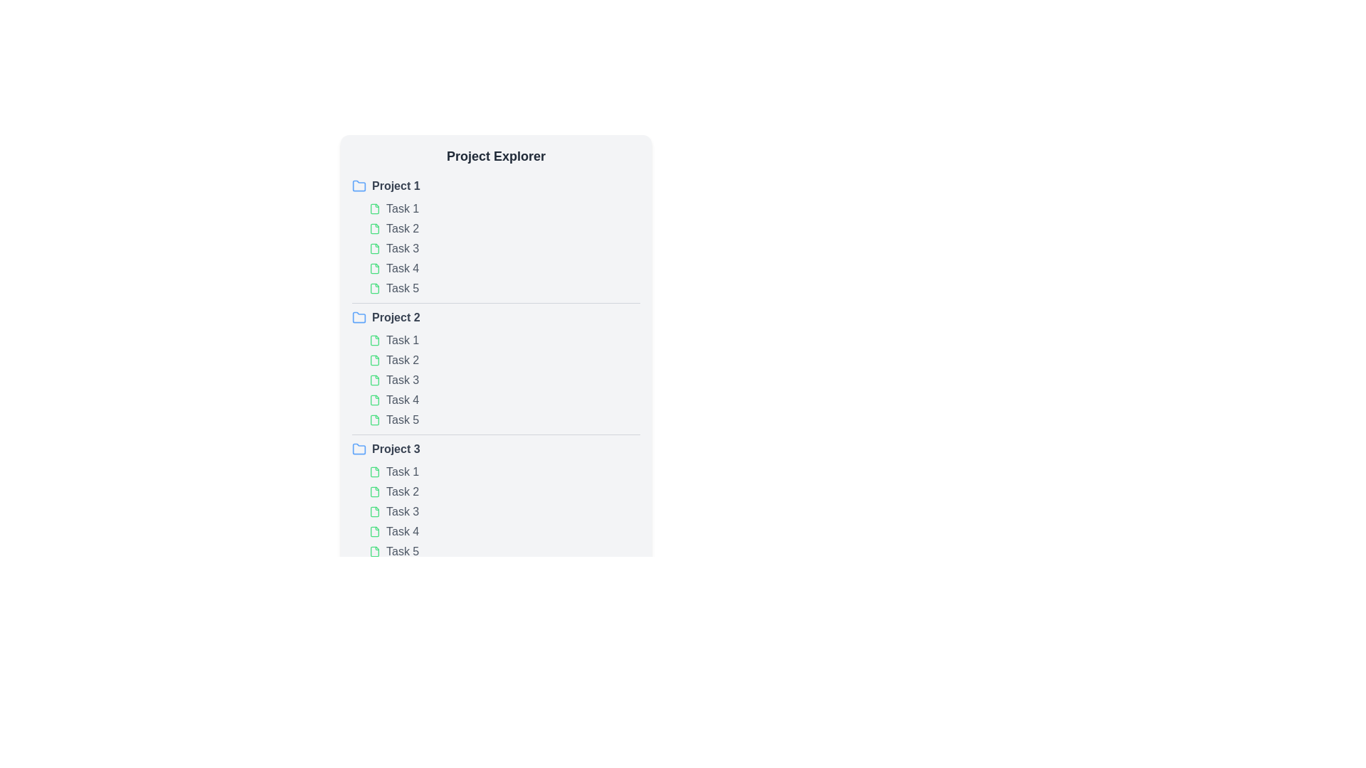 This screenshot has height=768, width=1366. I want to click on the text label displaying 'Task 3' under the 'Project 2' section, so click(402, 380).